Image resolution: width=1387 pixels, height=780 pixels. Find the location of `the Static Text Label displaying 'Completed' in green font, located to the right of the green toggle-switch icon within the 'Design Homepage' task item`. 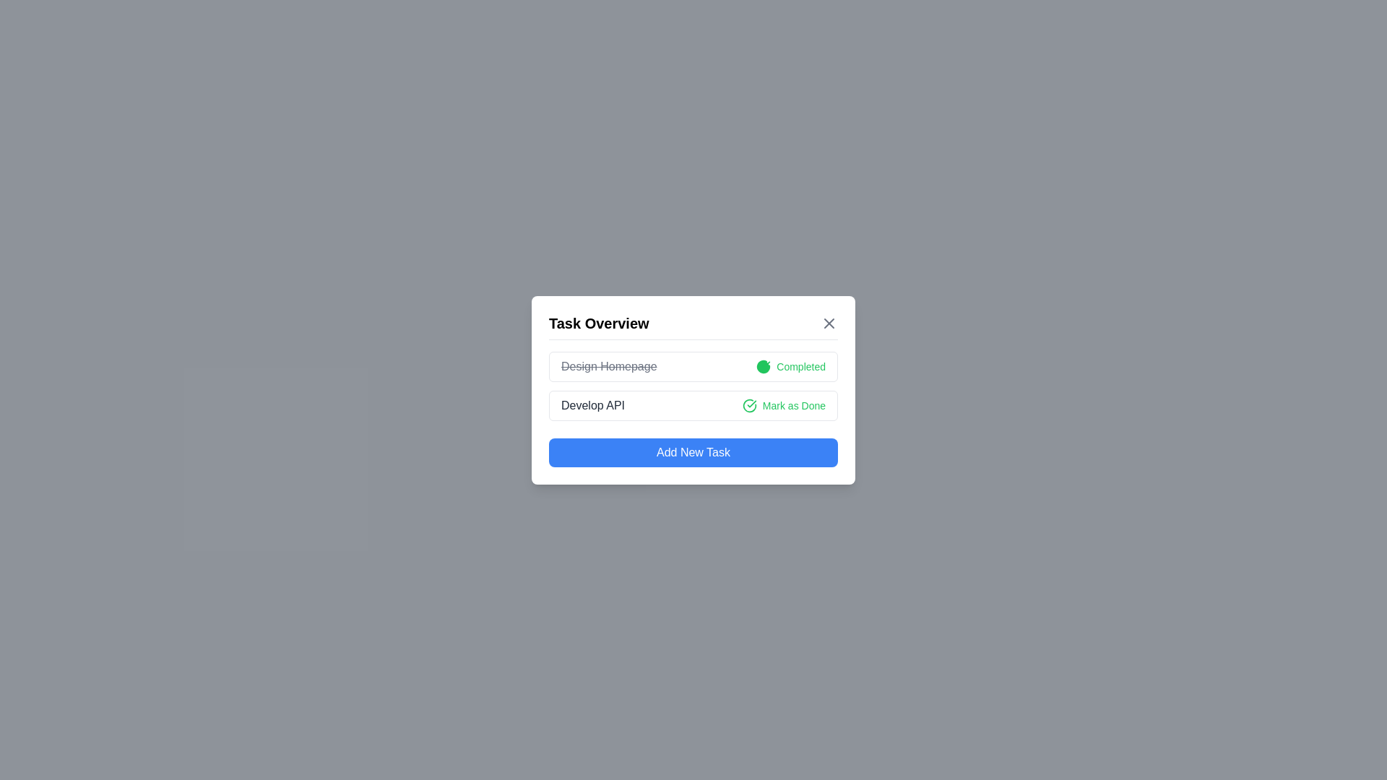

the Static Text Label displaying 'Completed' in green font, located to the right of the green toggle-switch icon within the 'Design Homepage' task item is located at coordinates (800, 365).